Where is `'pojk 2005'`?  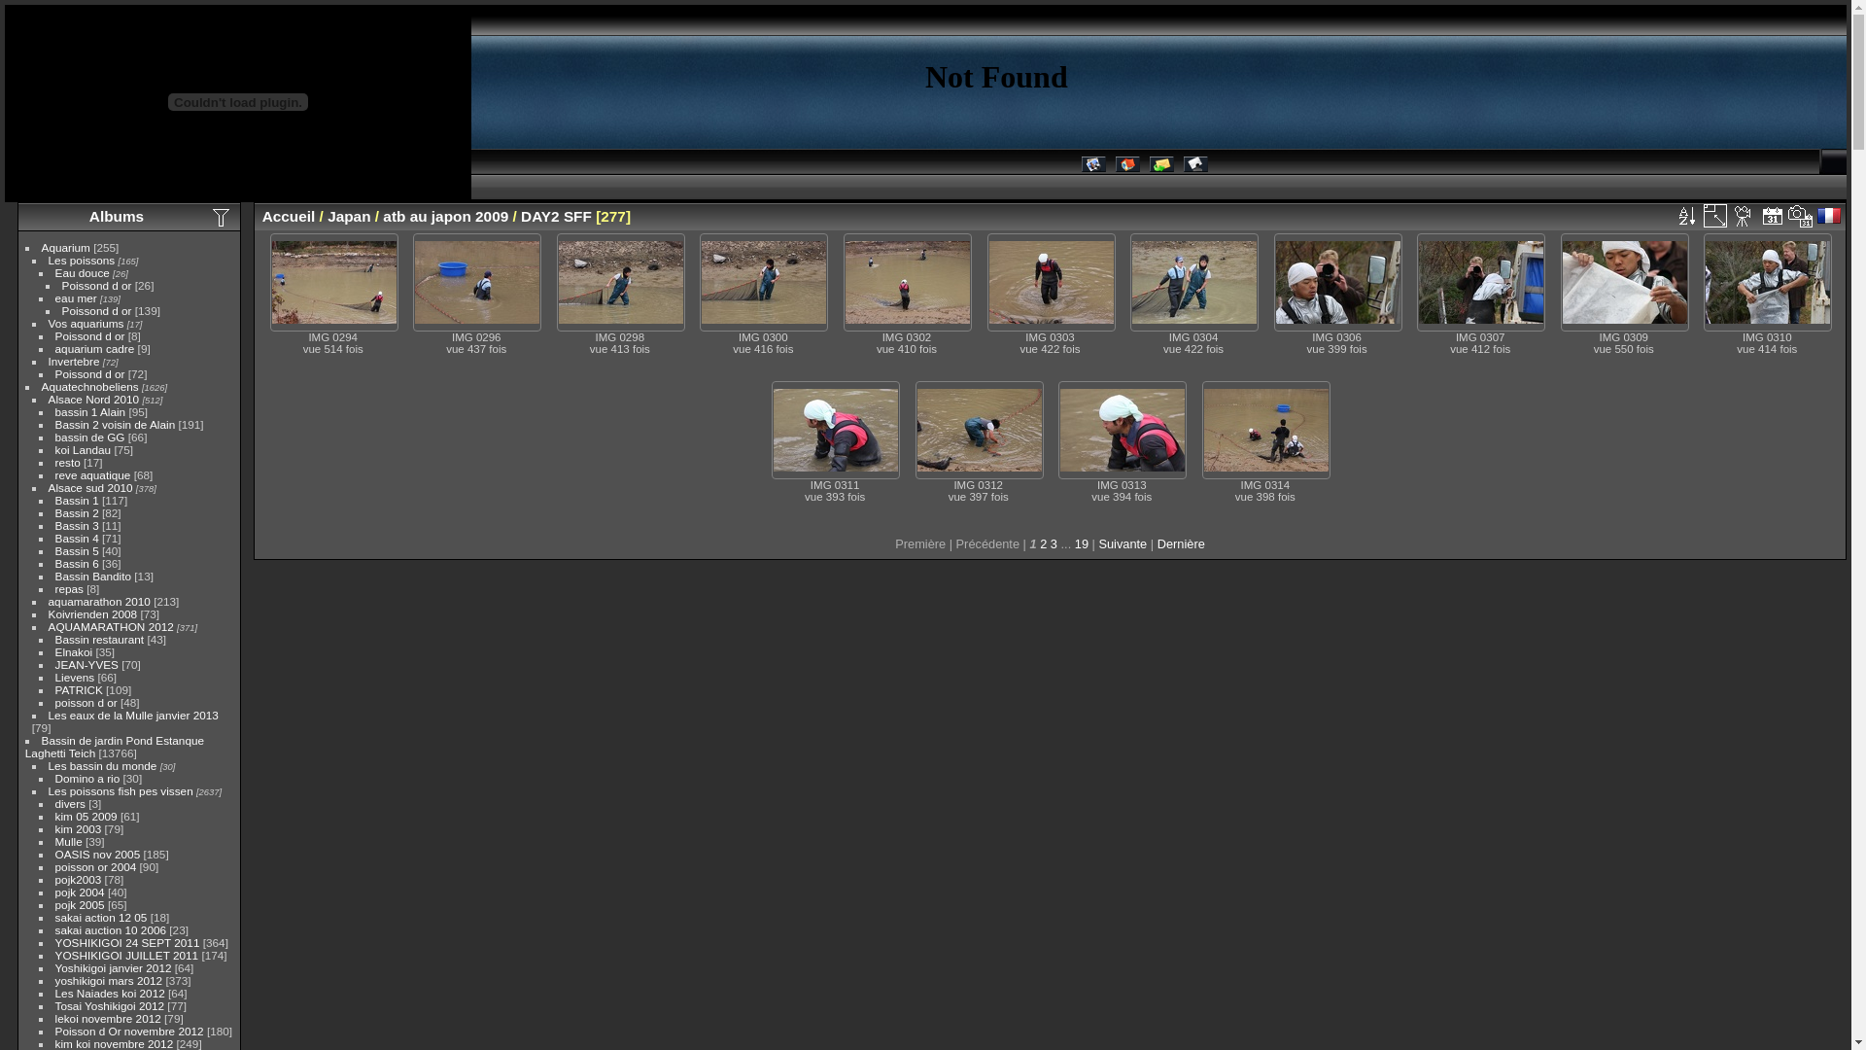 'pojk 2005' is located at coordinates (55, 904).